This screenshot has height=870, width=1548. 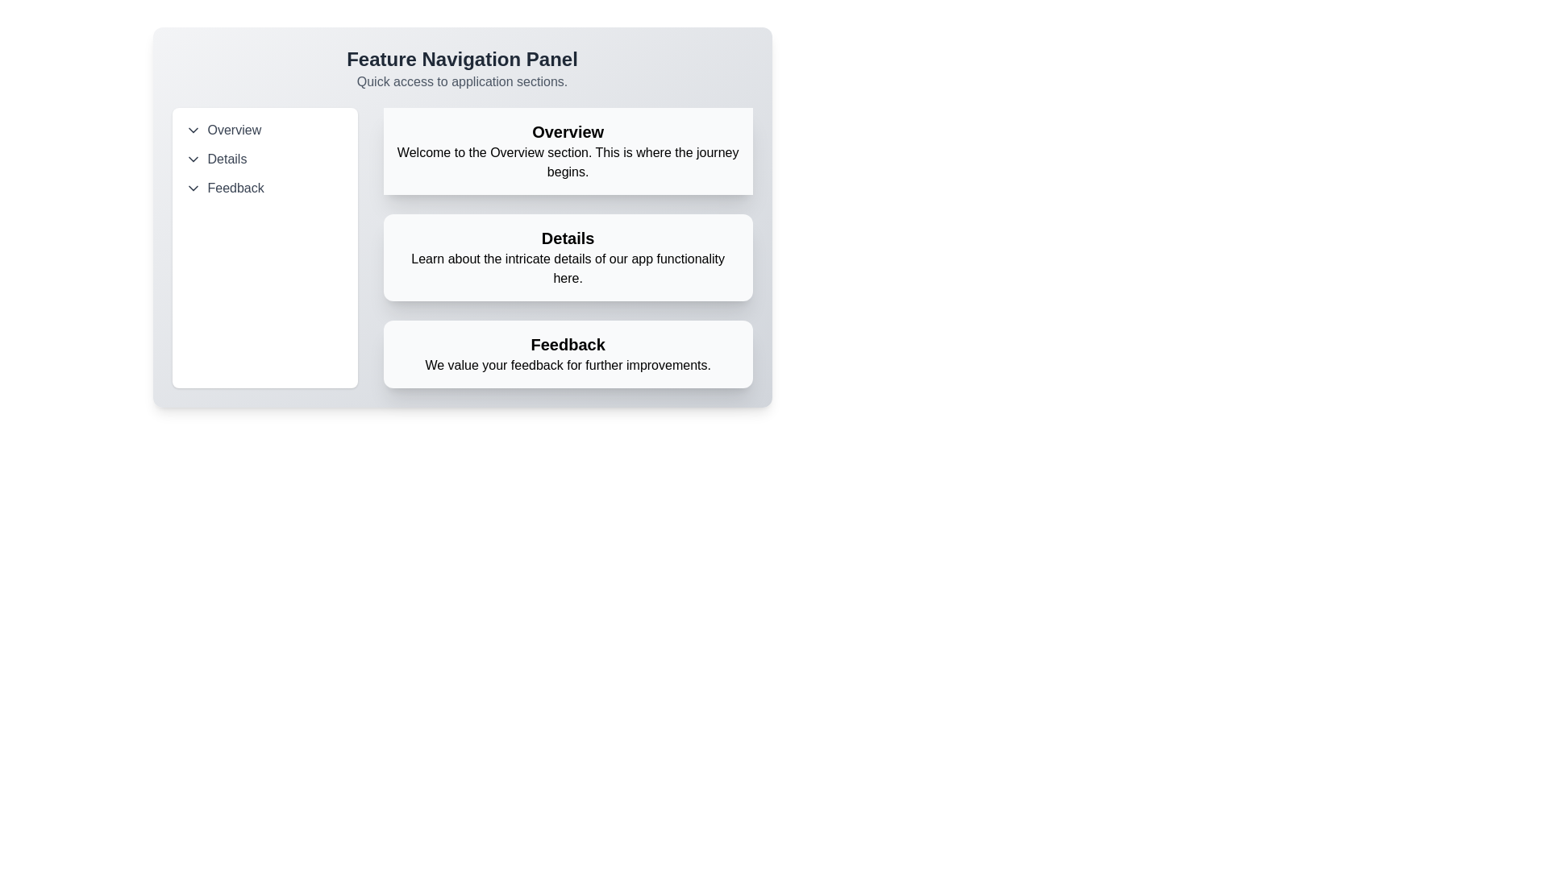 I want to click on the 'Overview' text element, so click(x=568, y=131).